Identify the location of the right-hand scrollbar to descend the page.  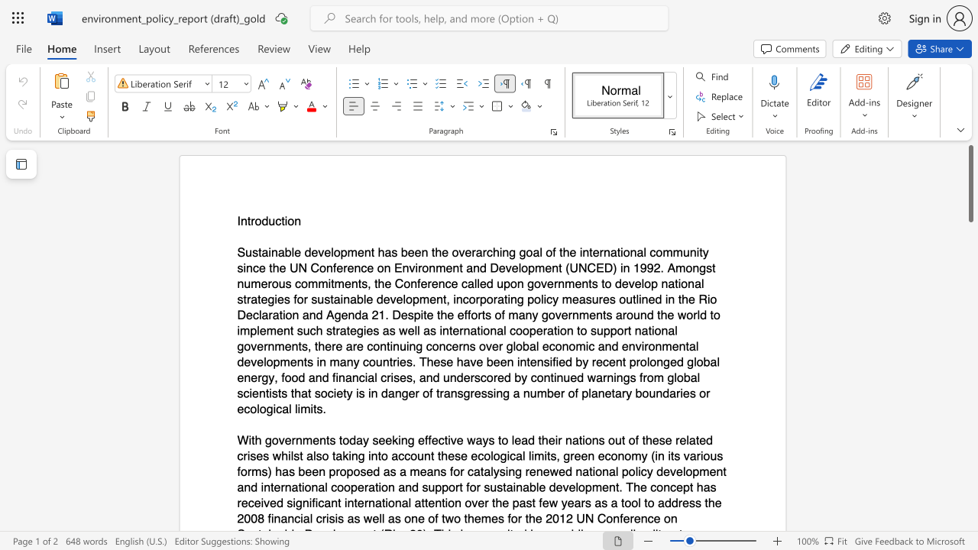
(970, 243).